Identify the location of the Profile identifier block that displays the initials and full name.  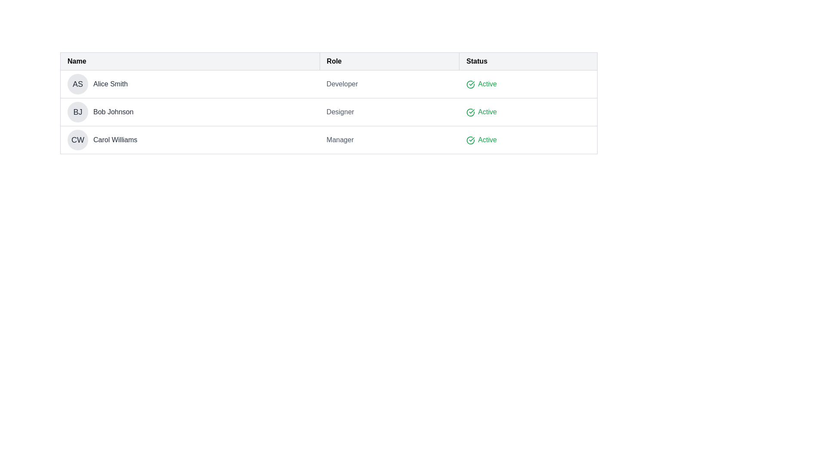
(189, 140).